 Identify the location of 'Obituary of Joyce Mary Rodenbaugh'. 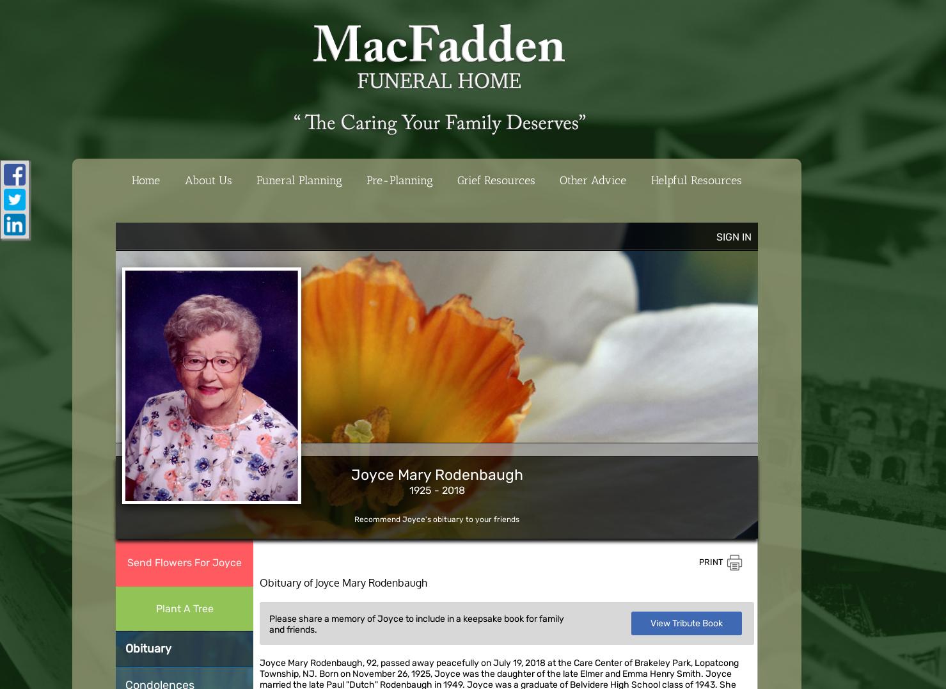
(343, 583).